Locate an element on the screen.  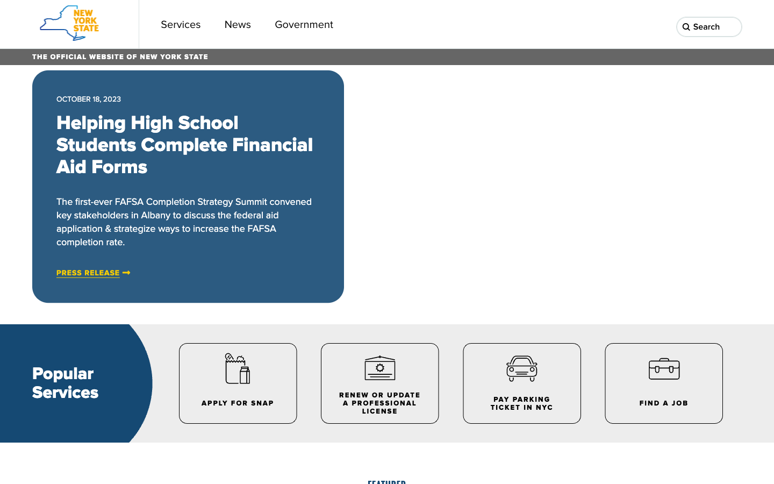
the NYC parking ticket payment portal on the lower panel is located at coordinates (520, 382).